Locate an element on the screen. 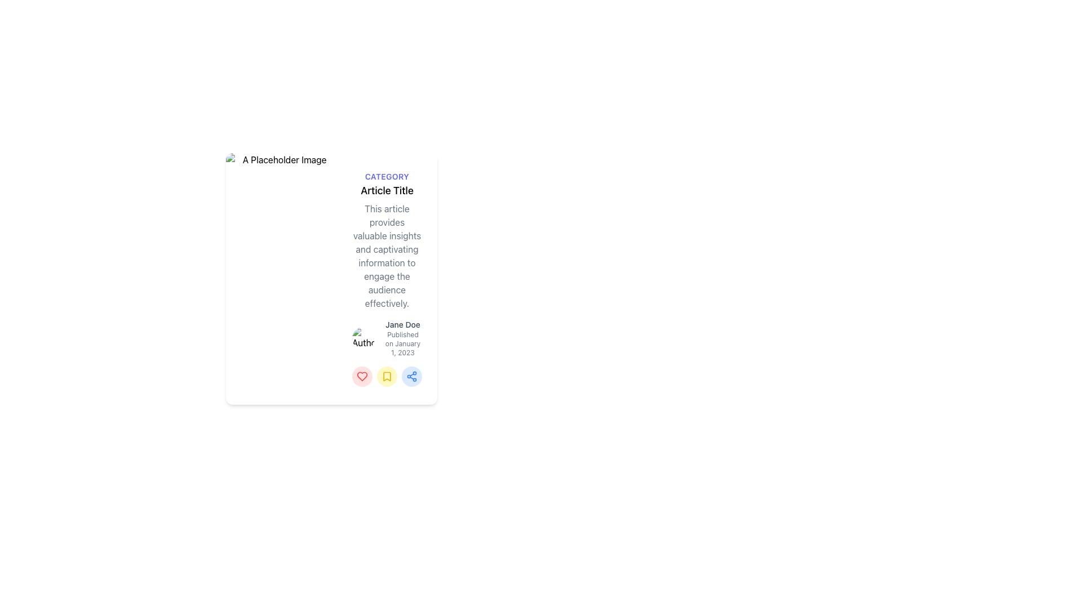 The height and width of the screenshot is (608, 1082). the text link located directly below the 'Category' label and above the article description is located at coordinates (387, 190).